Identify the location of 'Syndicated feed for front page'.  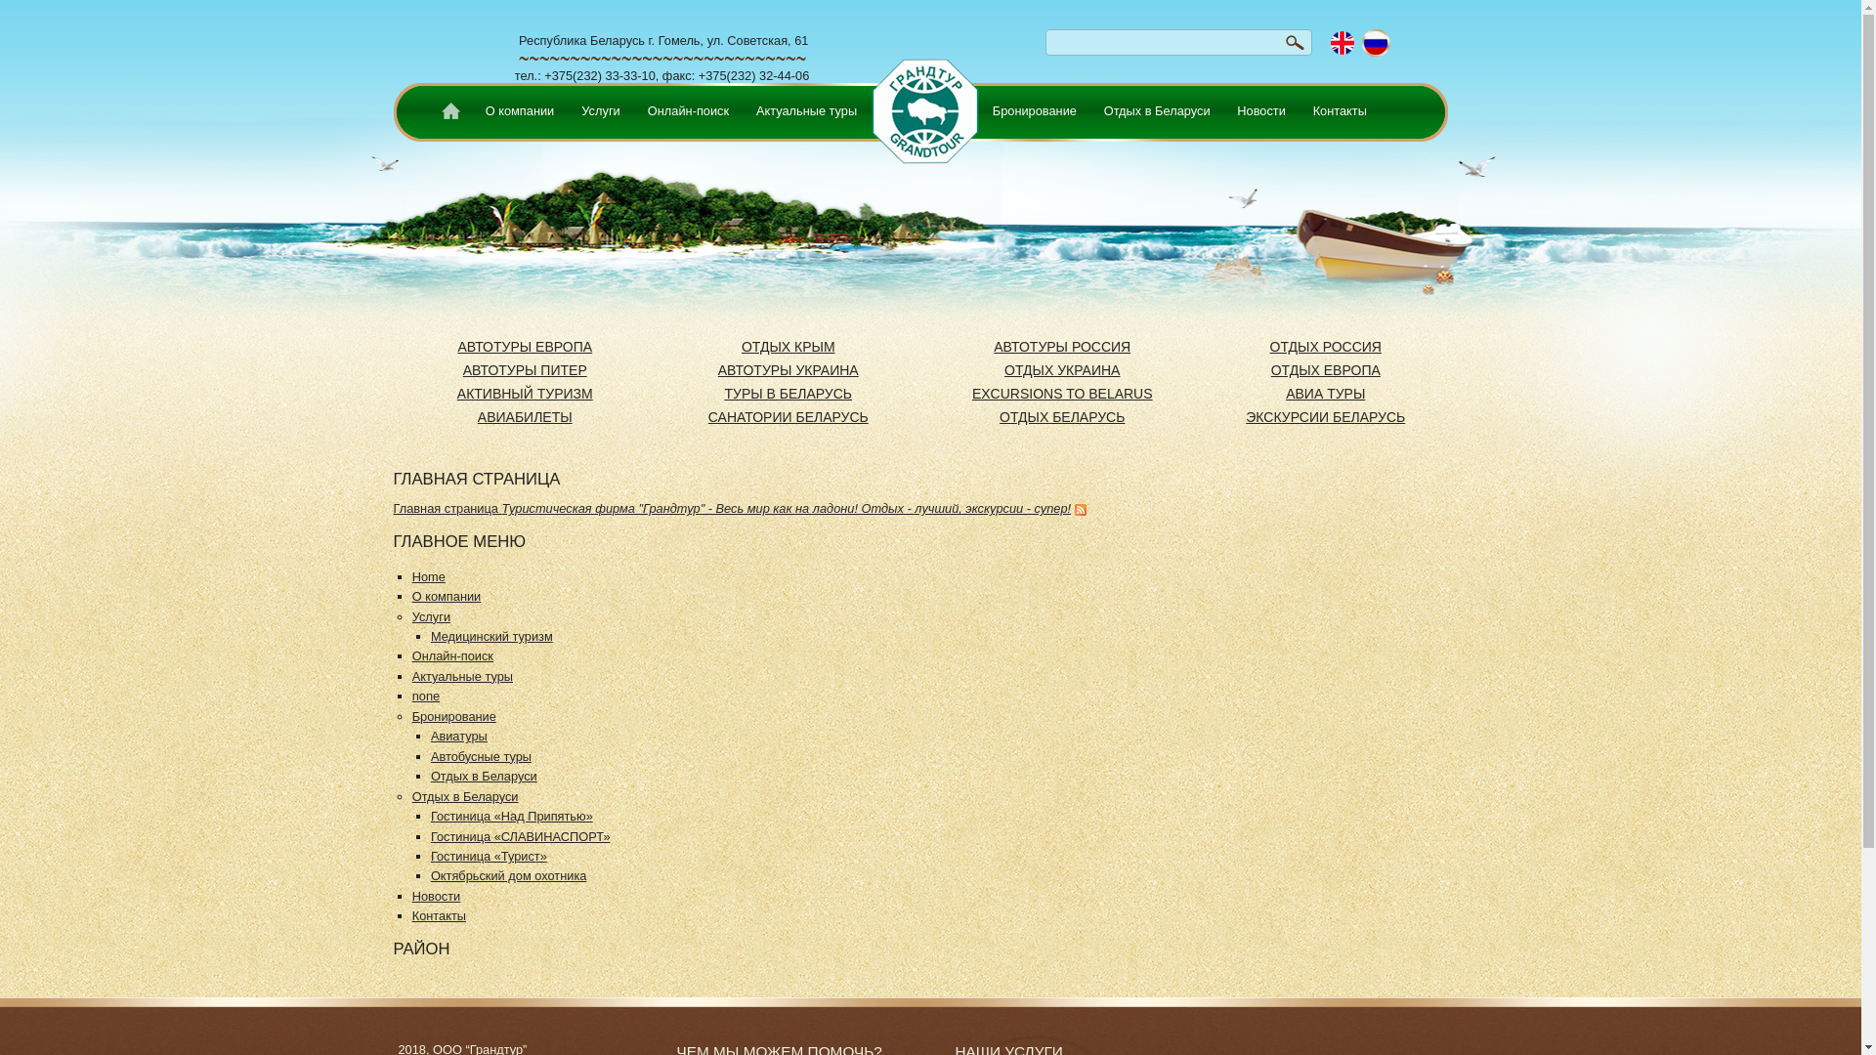
(1079, 507).